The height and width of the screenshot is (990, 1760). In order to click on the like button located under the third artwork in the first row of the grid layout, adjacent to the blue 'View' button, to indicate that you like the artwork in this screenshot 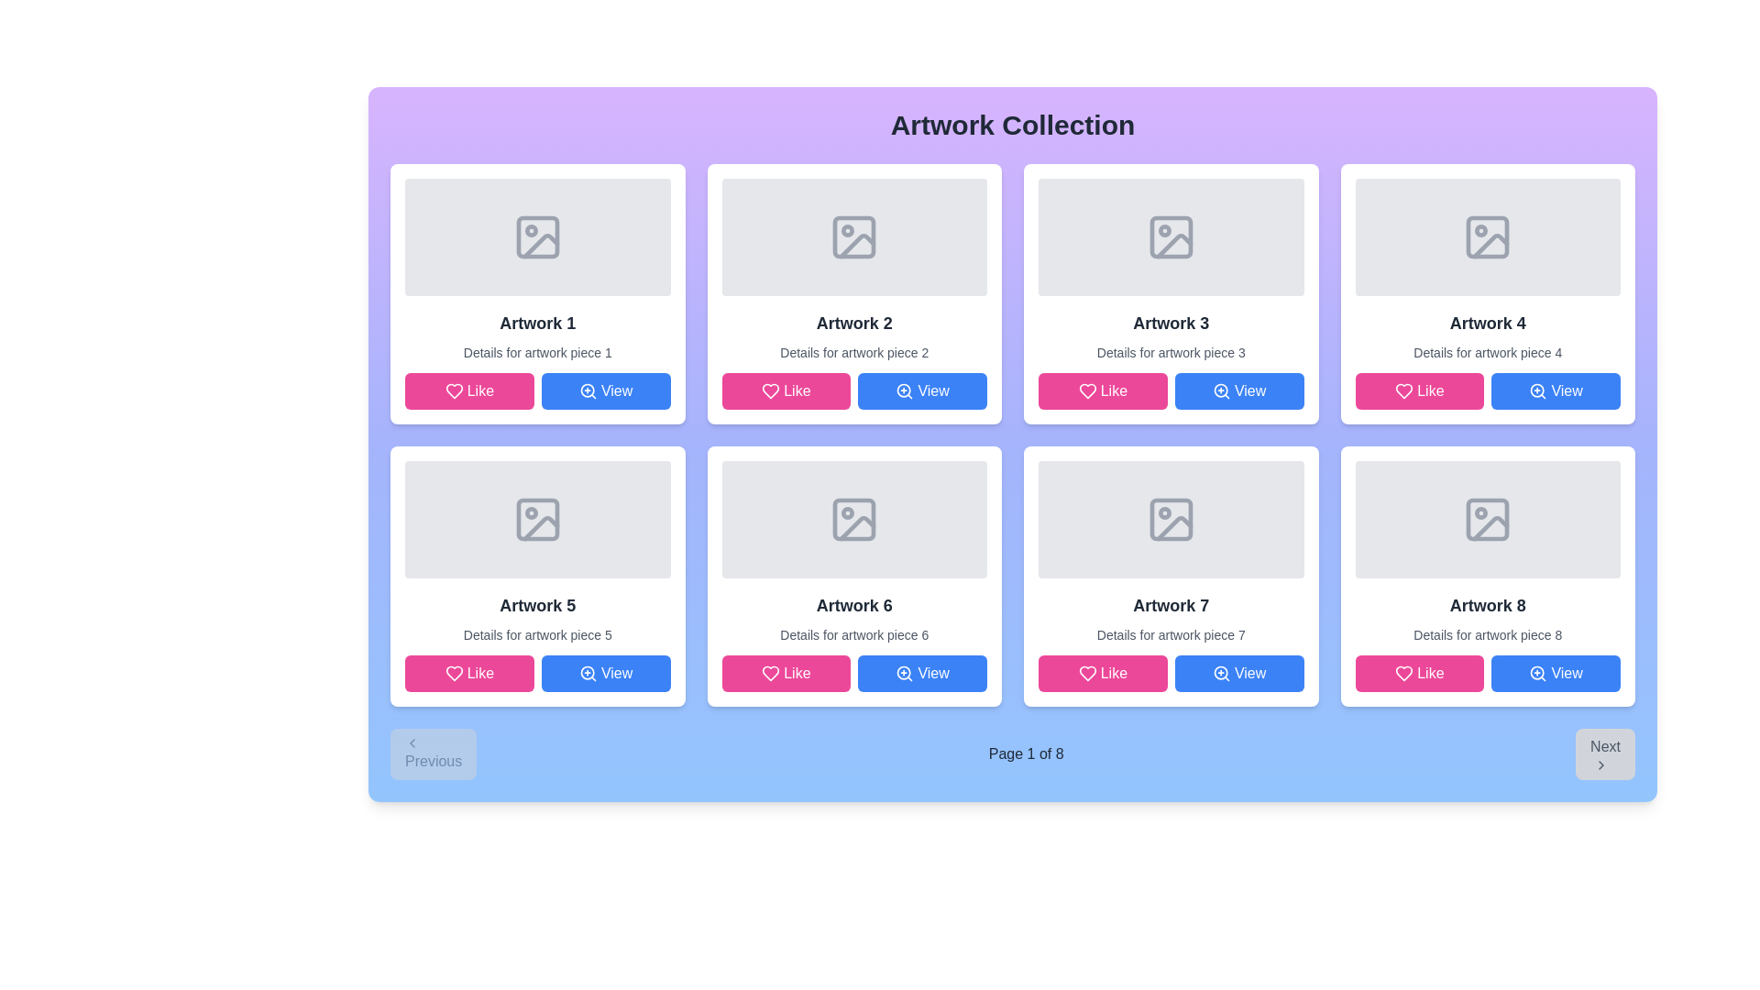, I will do `click(1102, 390)`.